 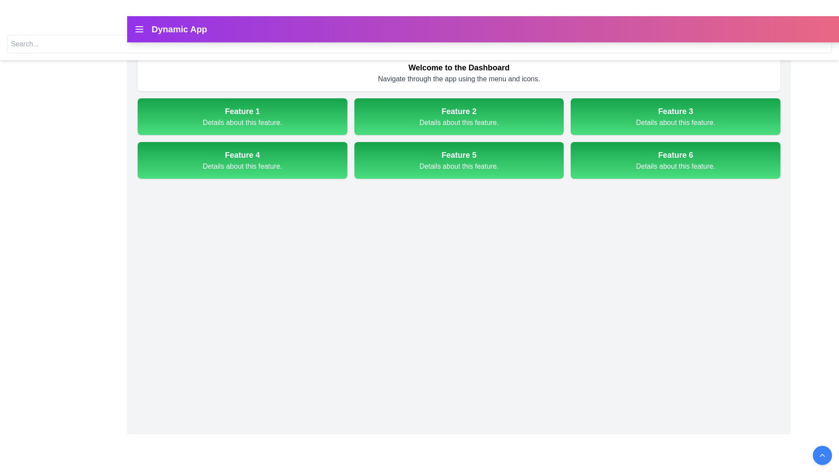 What do you see at coordinates (458, 154) in the screenshot?
I see `the Text element labeled 'Feature 5', which is styled with a bold and larger font on a green gradient background within the fifth feature card` at bounding box center [458, 154].